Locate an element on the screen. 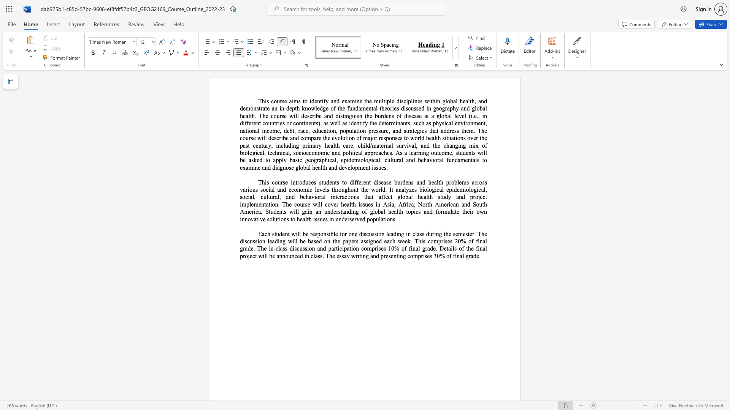 The height and width of the screenshot is (410, 730). the subset text "he essay writing and presenting comprises 30% of fi" within the text "project will be announced in class. The essay writing and presenting comprises 30% of final grade." is located at coordinates (329, 256).